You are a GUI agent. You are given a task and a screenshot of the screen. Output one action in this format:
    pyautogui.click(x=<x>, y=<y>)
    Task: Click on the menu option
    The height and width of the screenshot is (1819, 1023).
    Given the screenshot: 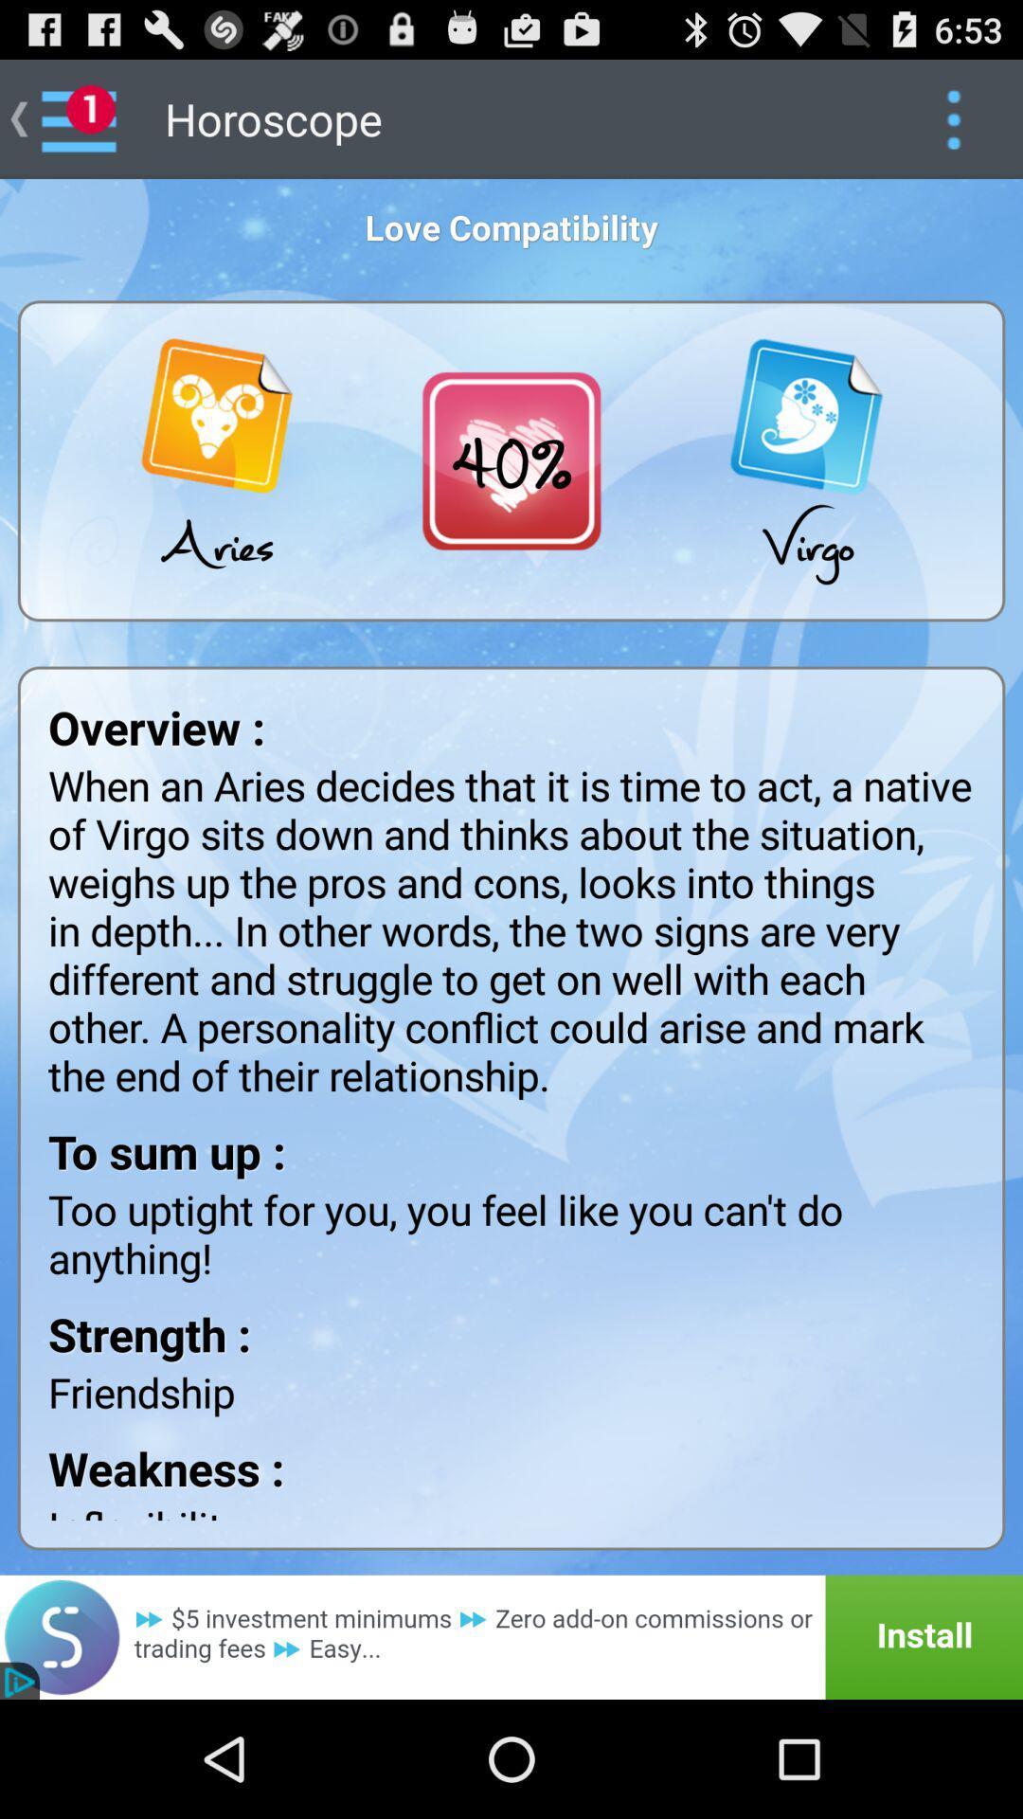 What is the action you would take?
    pyautogui.click(x=953, y=117)
    